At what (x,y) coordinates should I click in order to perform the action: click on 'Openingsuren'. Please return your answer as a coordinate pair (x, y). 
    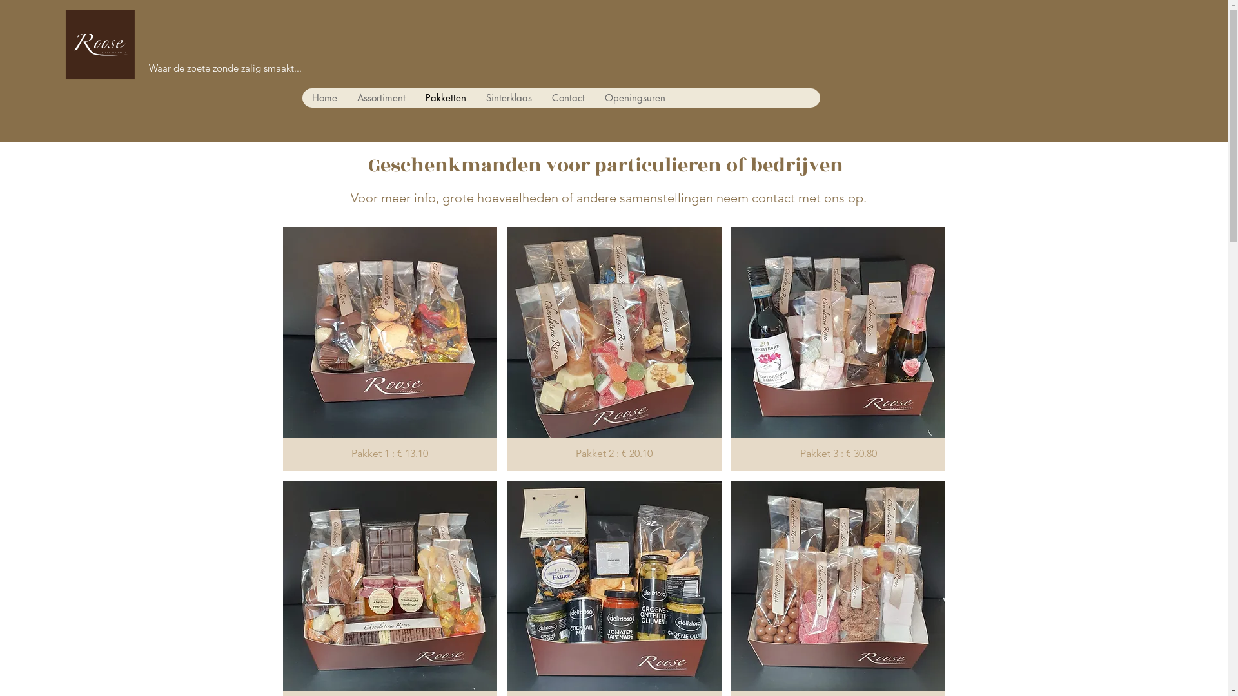
    Looking at the image, I should click on (634, 97).